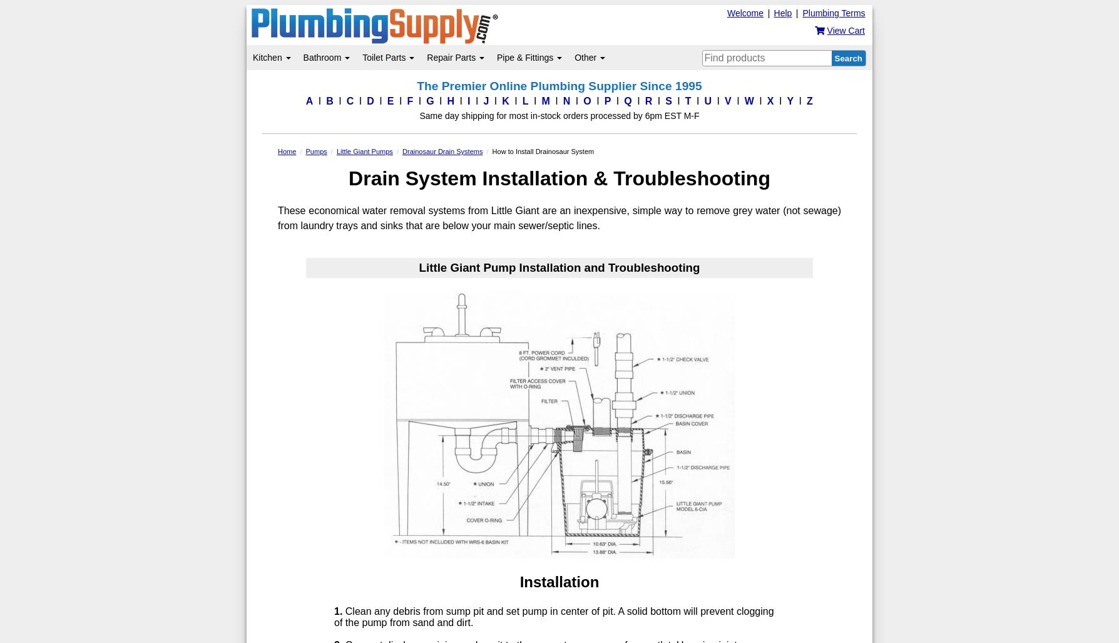 The image size is (1119, 643). I want to click on 'E', so click(390, 101).